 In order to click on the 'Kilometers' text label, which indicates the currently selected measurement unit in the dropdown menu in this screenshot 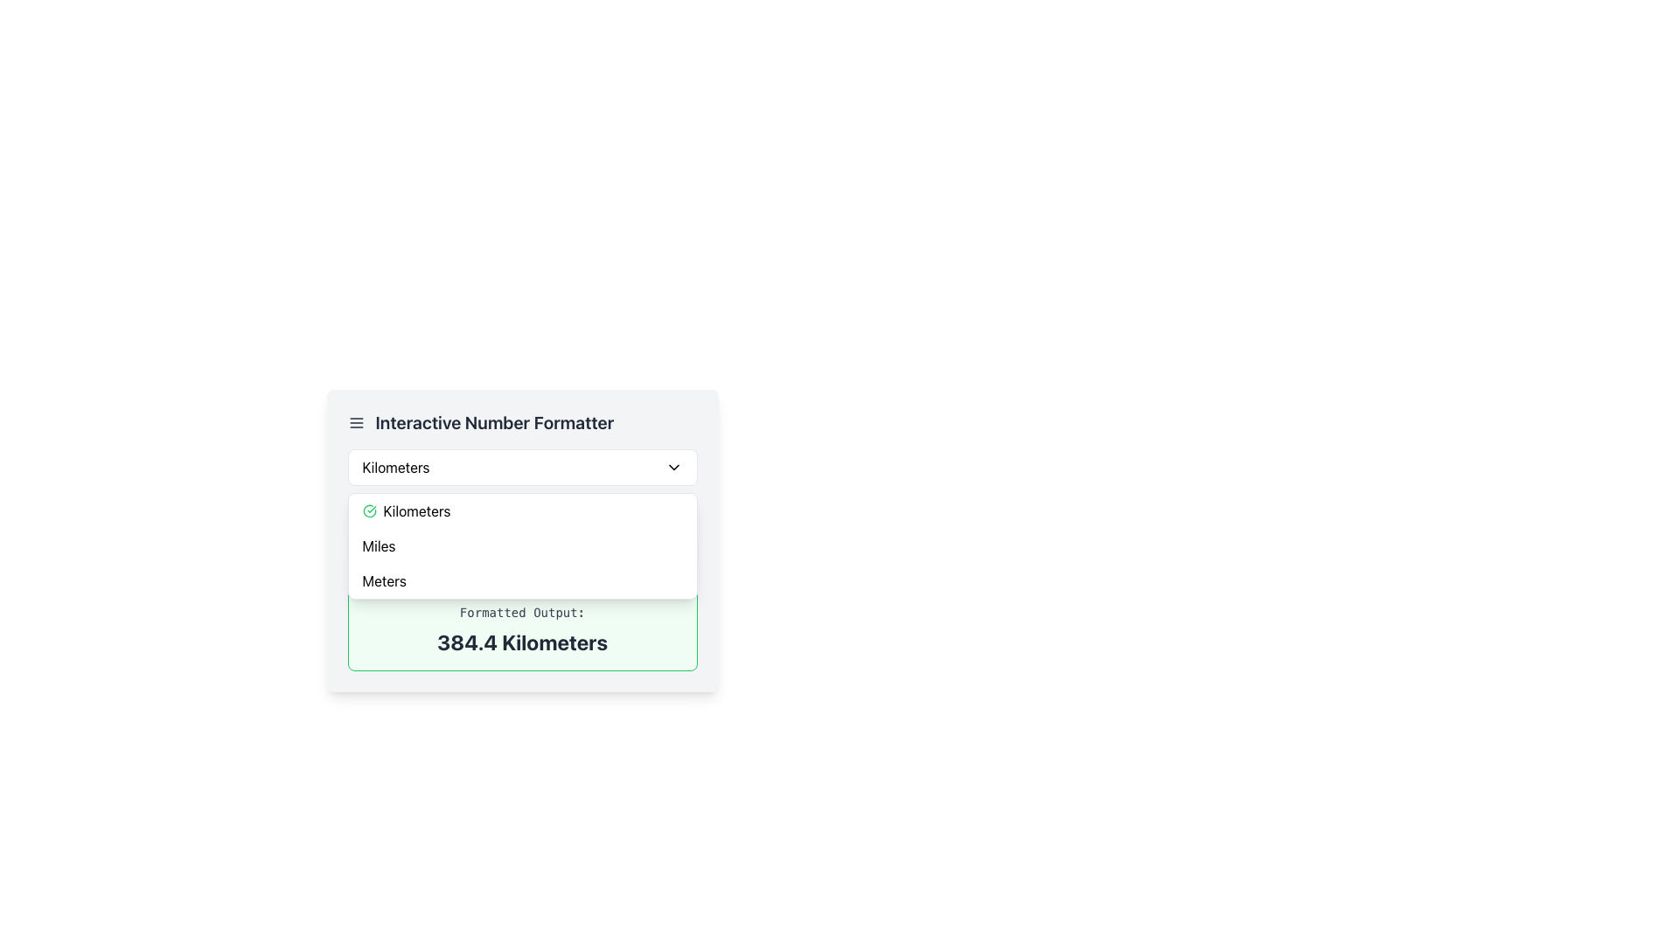, I will do `click(395, 467)`.